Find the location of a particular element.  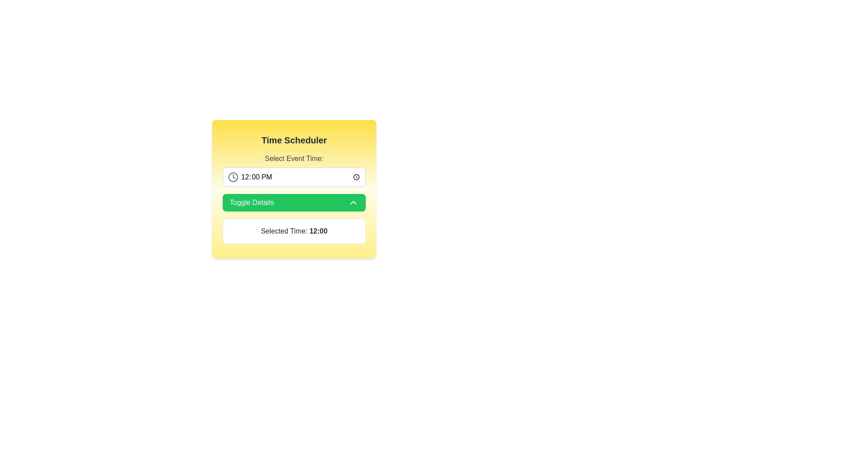

the text display box element that shows 'Selected Time: 12:00', which is located near the bottom of the layout, following the 'Toggle Details' button and is centrally aligned is located at coordinates (294, 230).